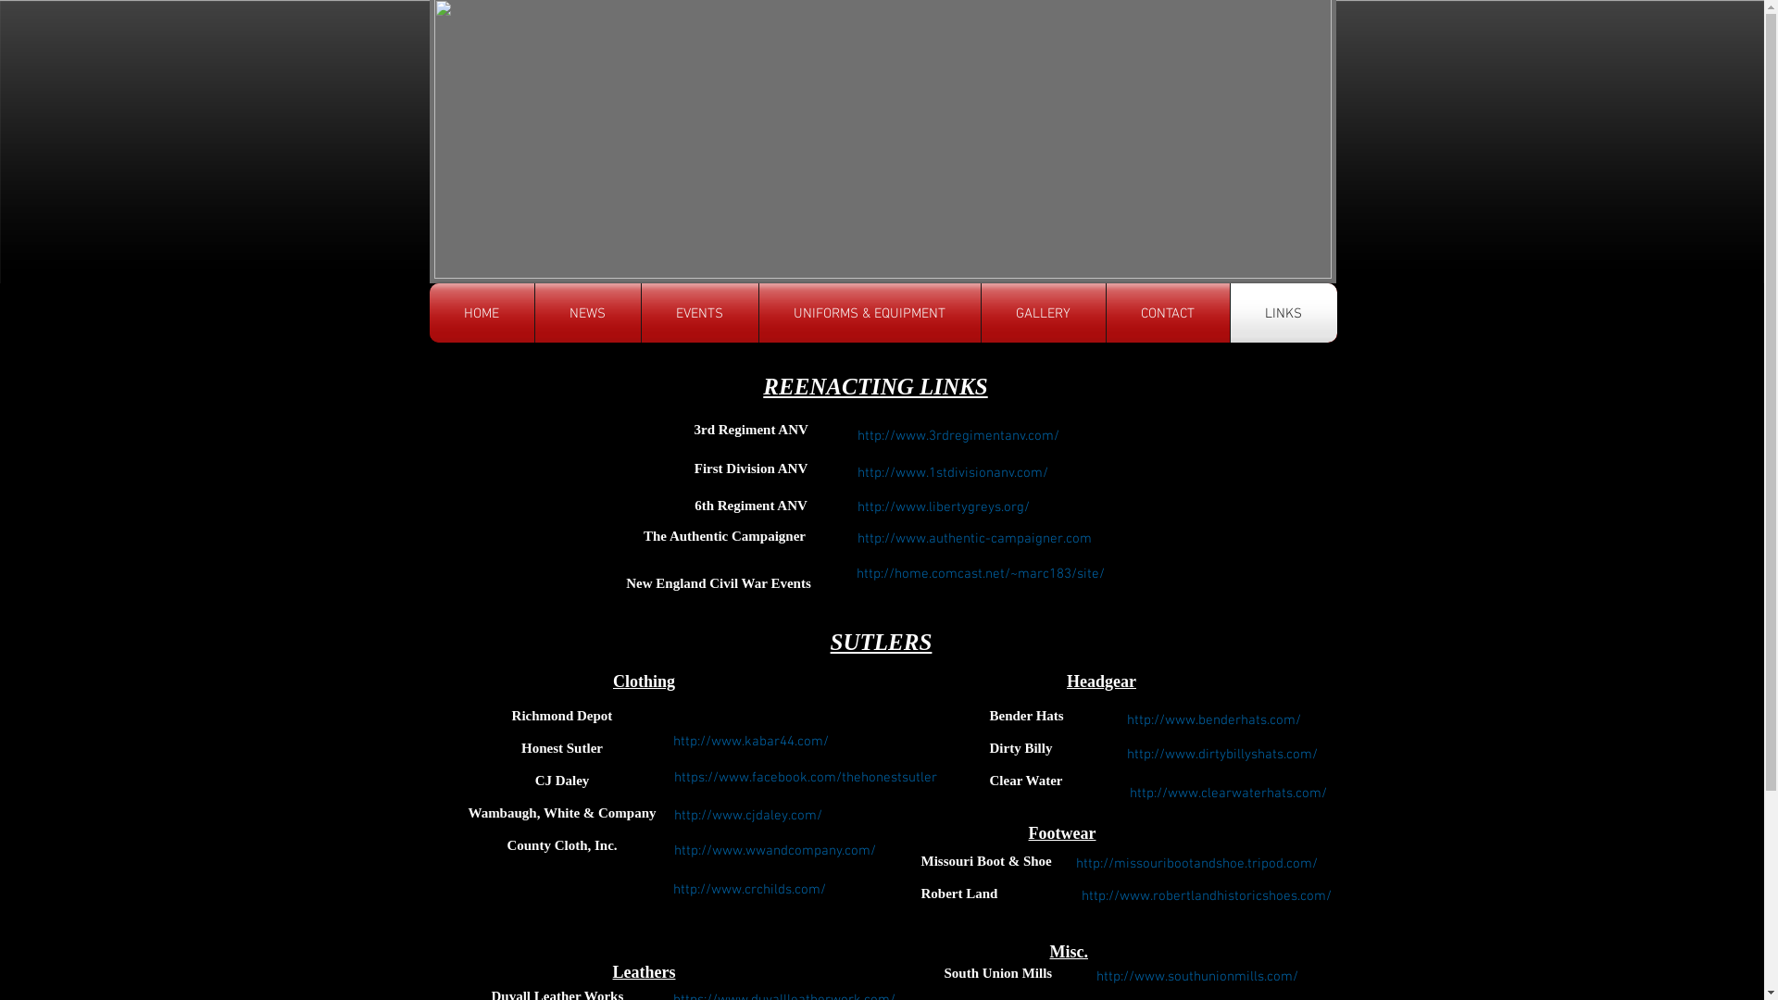 The height and width of the screenshot is (1000, 1778). What do you see at coordinates (1221, 753) in the screenshot?
I see `'http://www.dirtybillyshats.com/'` at bounding box center [1221, 753].